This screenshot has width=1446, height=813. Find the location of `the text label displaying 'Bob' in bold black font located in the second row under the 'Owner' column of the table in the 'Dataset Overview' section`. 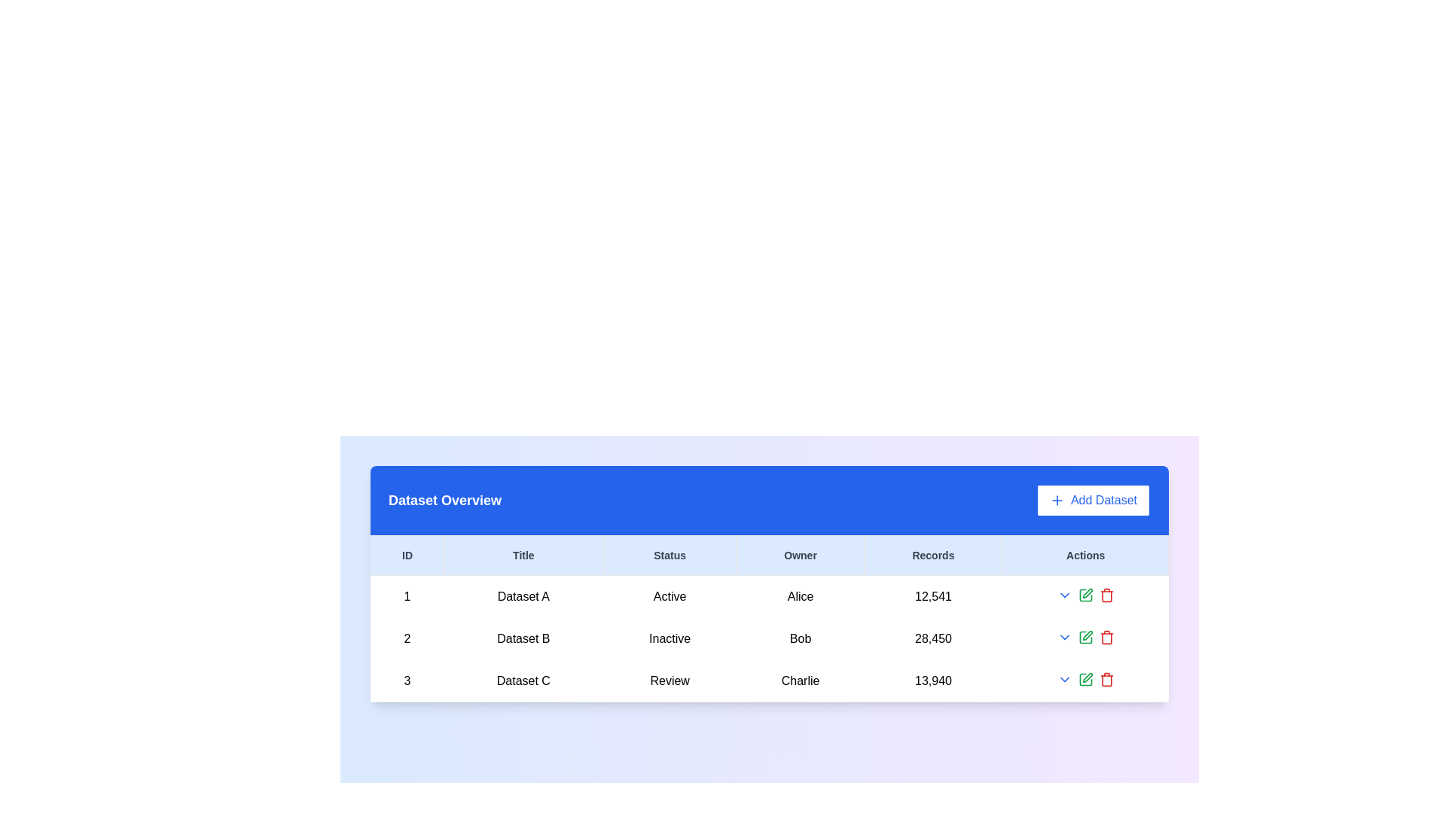

the text label displaying 'Bob' in bold black font located in the second row under the 'Owner' column of the table in the 'Dataset Overview' section is located at coordinates (800, 638).